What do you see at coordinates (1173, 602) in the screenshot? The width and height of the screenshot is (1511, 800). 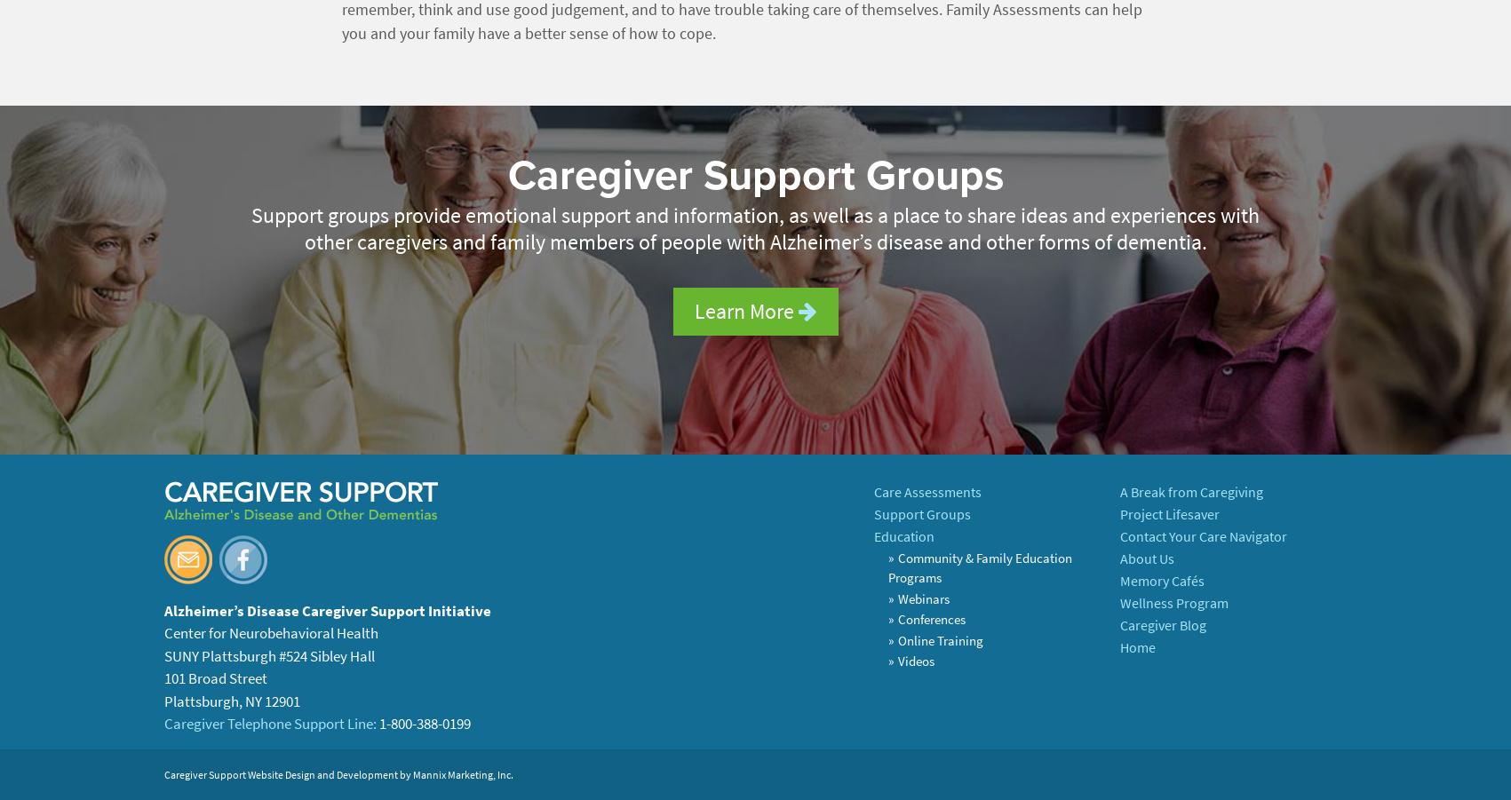 I see `'Wellness Program'` at bounding box center [1173, 602].